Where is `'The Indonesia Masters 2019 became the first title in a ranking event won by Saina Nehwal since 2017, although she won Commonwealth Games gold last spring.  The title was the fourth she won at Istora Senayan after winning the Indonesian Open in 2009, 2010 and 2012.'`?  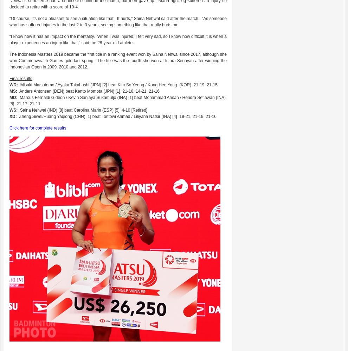 'The Indonesia Masters 2019 became the first title in a ranking event won by Saina Nehwal since 2017, although she won Commonwealth Games gold last spring.  The title was the fourth she won at Istora Senayan after winning the Indonesian Open in 2009, 2010 and 2012.' is located at coordinates (118, 61).